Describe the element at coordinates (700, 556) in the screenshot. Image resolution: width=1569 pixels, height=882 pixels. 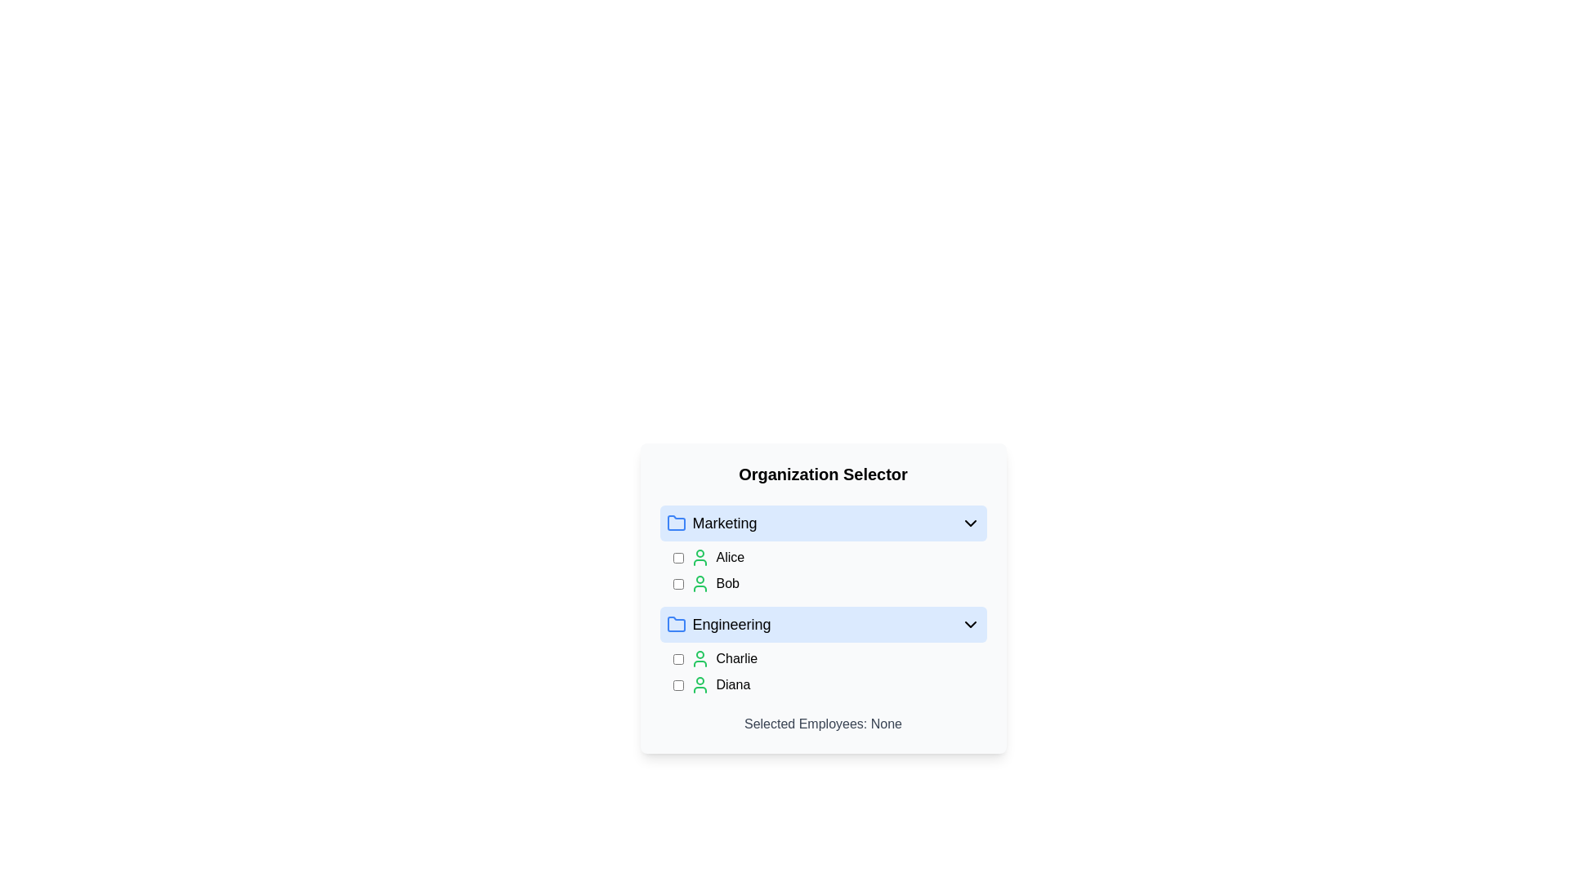
I see `the user icon representing 'Alice' in the 'Marketing' group within the 'Organization Selector' panel to aid user identification` at that location.